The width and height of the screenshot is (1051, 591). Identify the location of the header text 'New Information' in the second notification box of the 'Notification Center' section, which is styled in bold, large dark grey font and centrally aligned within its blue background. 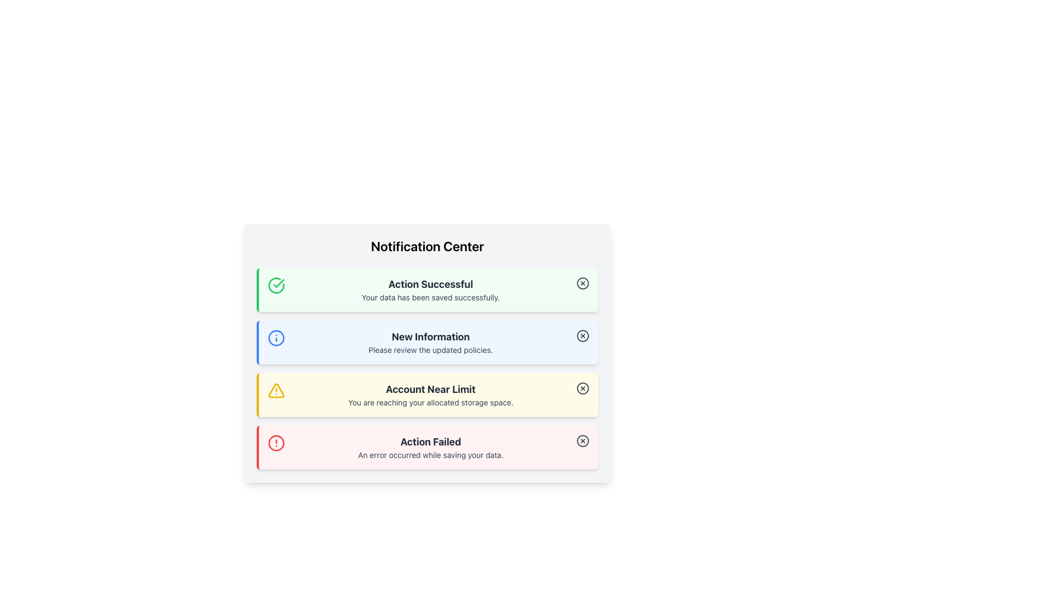
(430, 337).